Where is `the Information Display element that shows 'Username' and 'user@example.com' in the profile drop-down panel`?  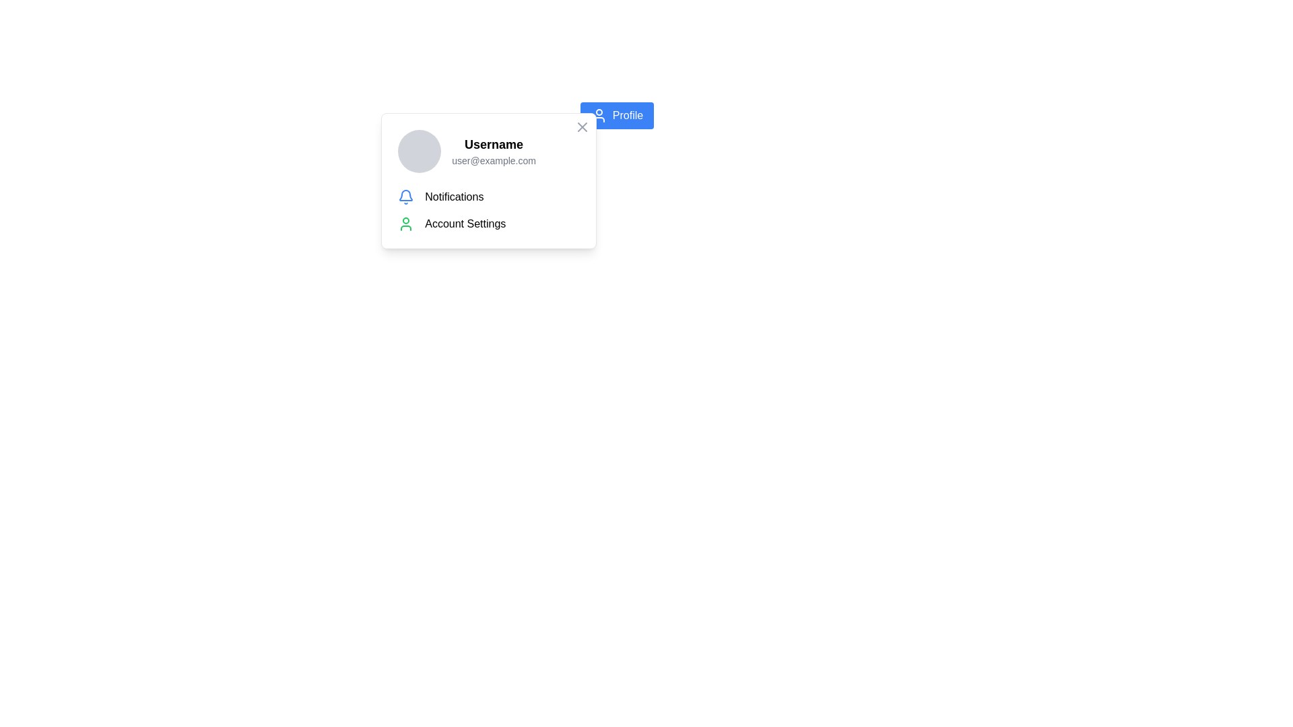
the Information Display element that shows 'Username' and 'user@example.com' in the profile drop-down panel is located at coordinates (493, 151).